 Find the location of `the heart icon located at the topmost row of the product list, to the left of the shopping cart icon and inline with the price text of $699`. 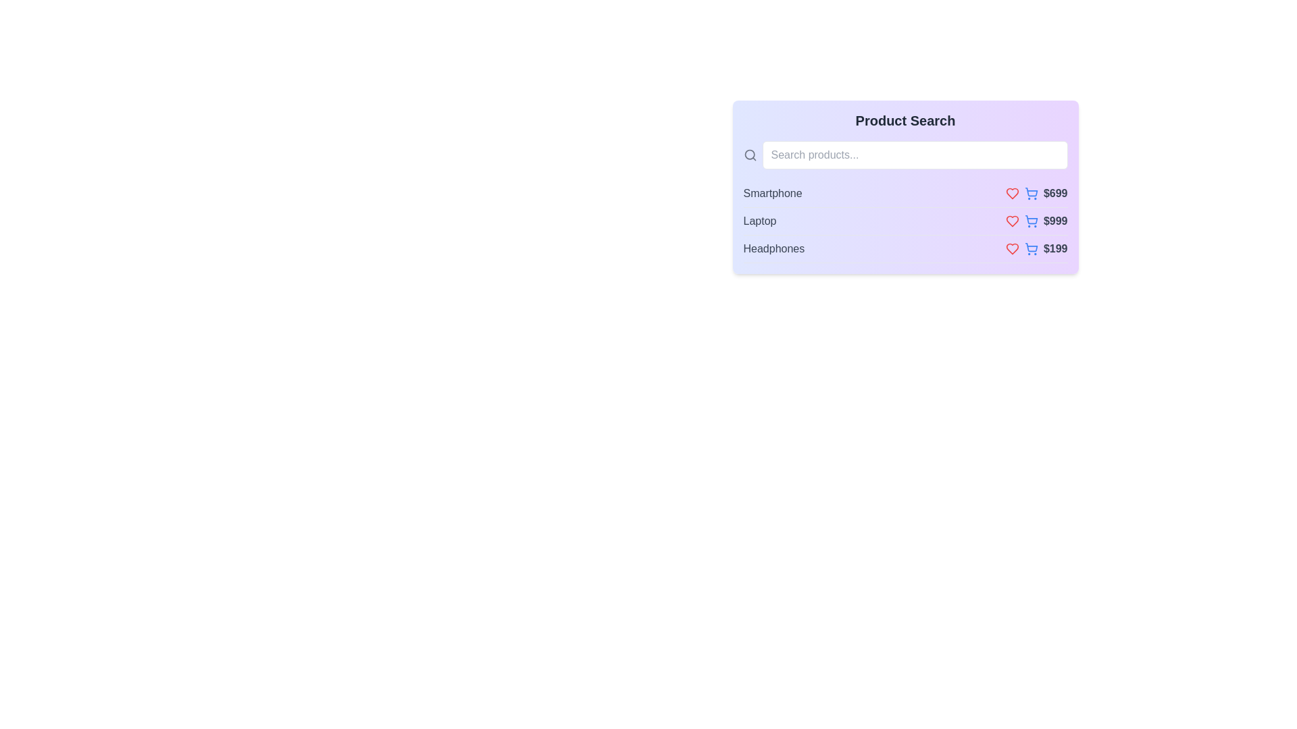

the heart icon located at the topmost row of the product list, to the left of the shopping cart icon and inline with the price text of $699 is located at coordinates (1012, 193).